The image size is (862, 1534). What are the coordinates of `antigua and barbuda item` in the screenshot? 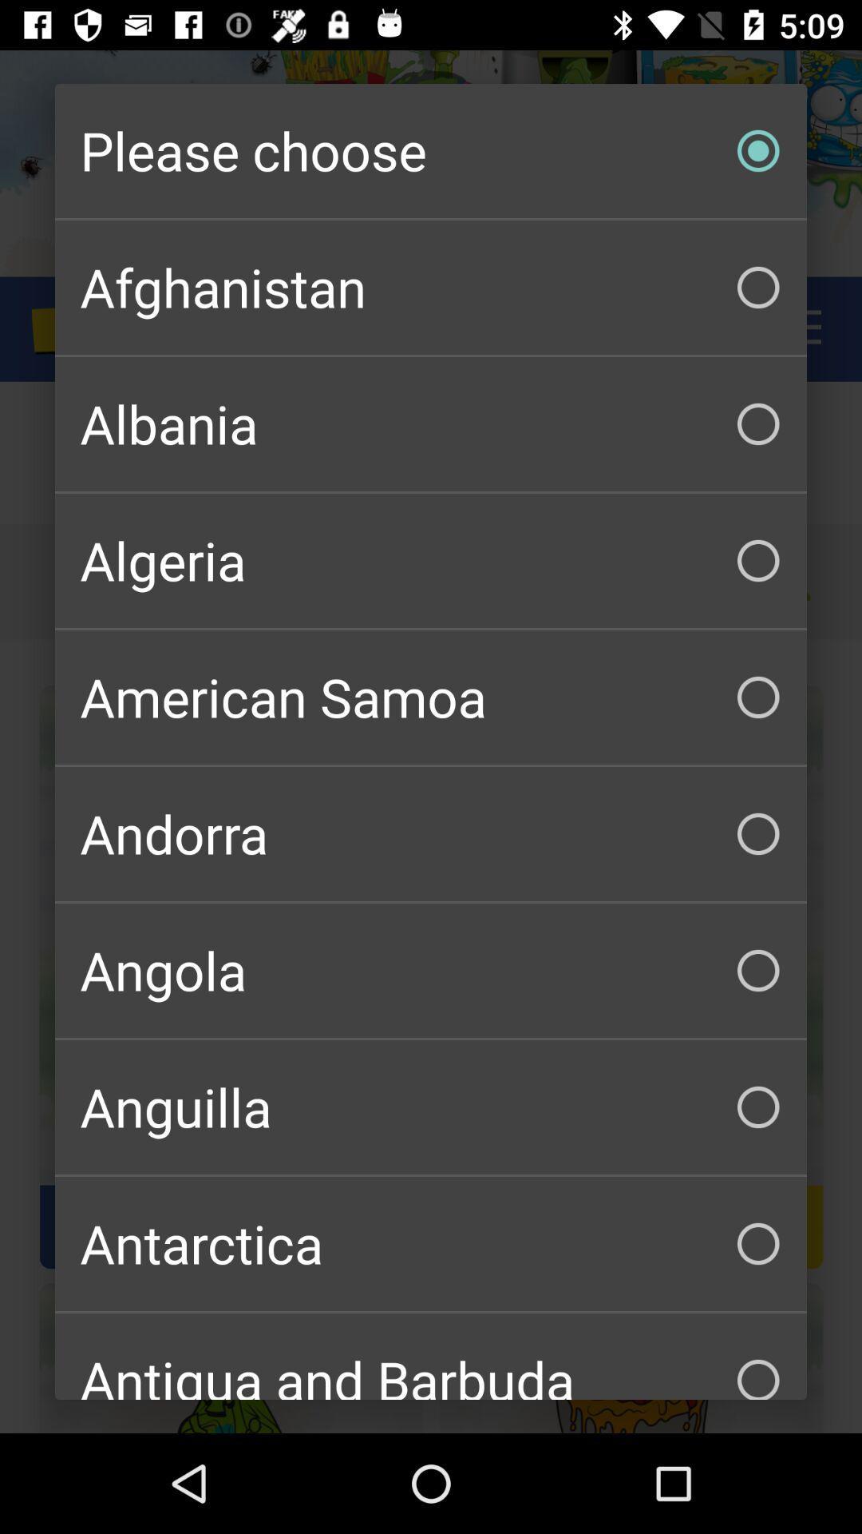 It's located at (431, 1356).